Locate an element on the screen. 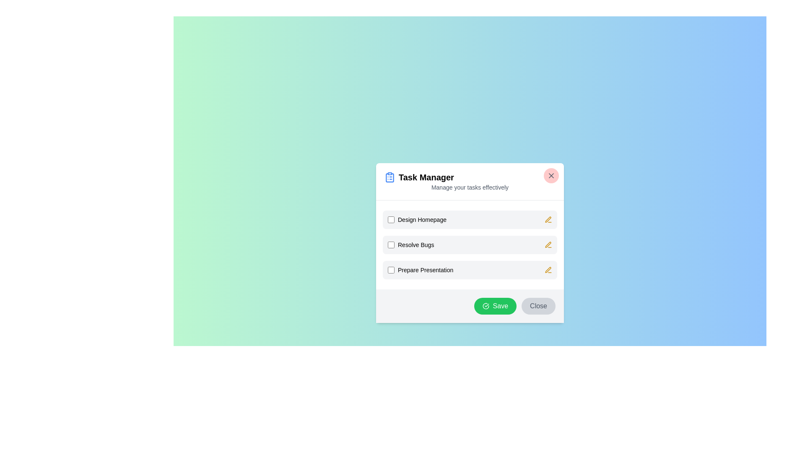  the checkbox of the task list item labeled 'Resolve Bugs' to mark it as completed is located at coordinates (470, 244).